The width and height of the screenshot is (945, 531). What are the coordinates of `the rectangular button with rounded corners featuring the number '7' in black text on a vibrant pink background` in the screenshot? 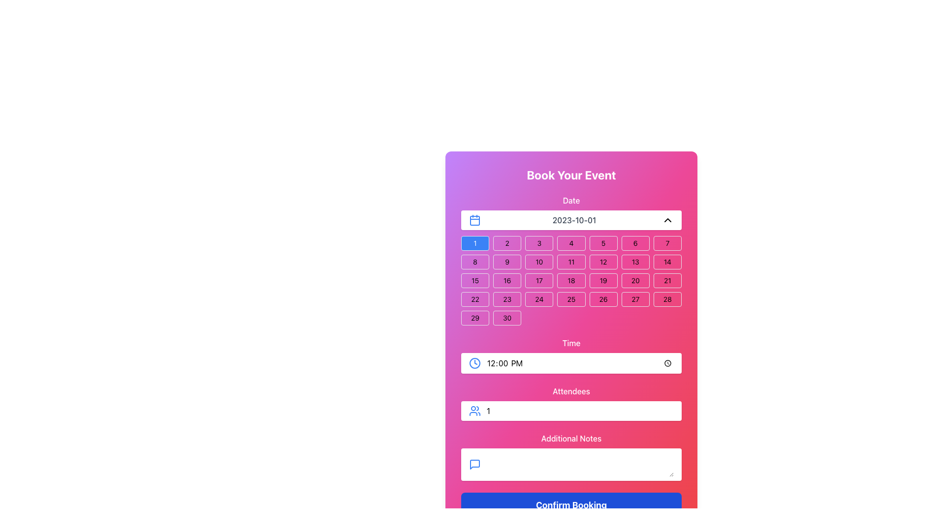 It's located at (667, 243).